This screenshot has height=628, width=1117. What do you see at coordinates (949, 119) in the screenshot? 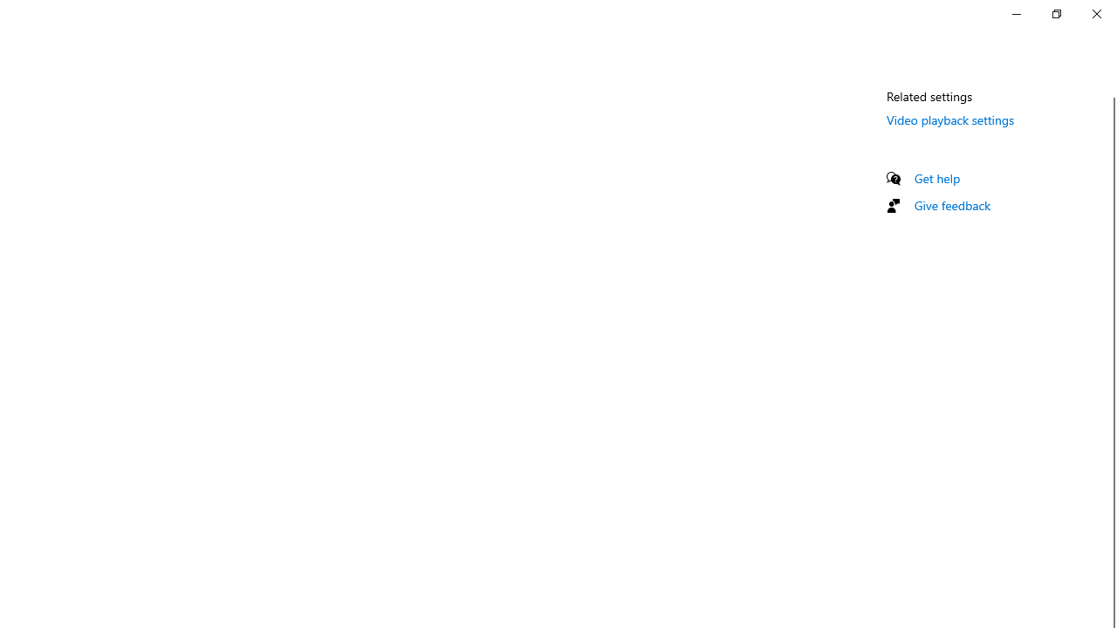
I see `'Video playback settings'` at bounding box center [949, 119].